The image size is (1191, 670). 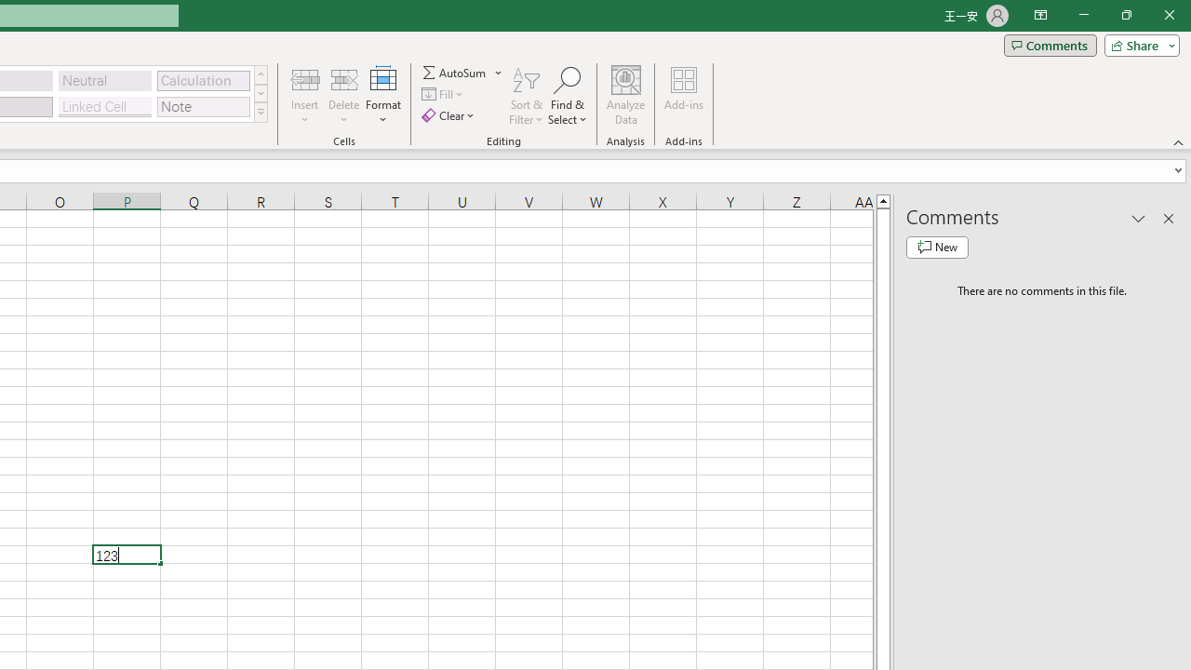 I want to click on 'AutoSum', so click(x=462, y=72).